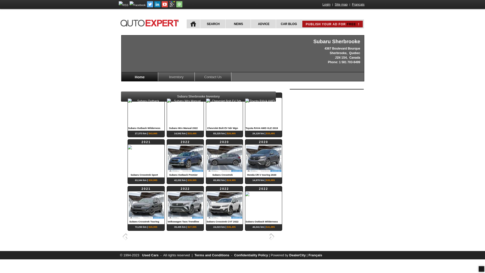 The width and height of the screenshot is (485, 273). What do you see at coordinates (165, 6) in the screenshot?
I see `'Follow autoExpert.ca on Youtube'` at bounding box center [165, 6].